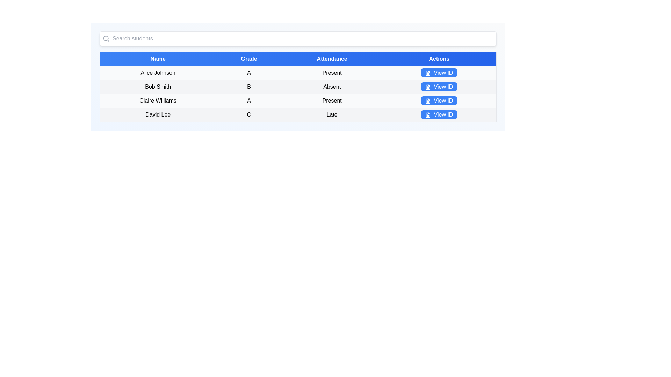 This screenshot has width=671, height=377. What do you see at coordinates (439, 73) in the screenshot?
I see `the button in the 'Actions' column for 'Alice Johnson'` at bounding box center [439, 73].